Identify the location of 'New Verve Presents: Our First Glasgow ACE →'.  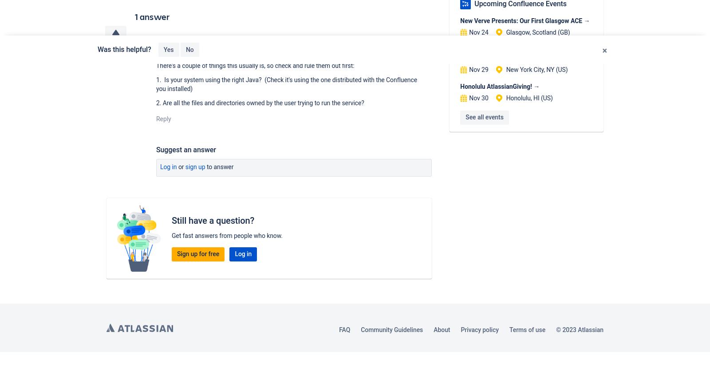
(525, 20).